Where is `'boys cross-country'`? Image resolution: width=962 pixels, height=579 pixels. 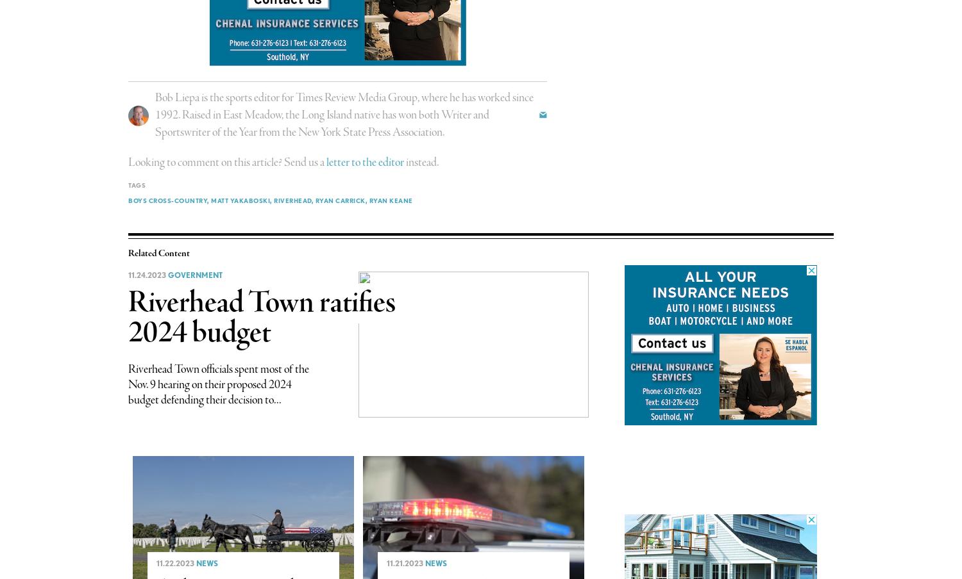
'boys cross-country' is located at coordinates (167, 200).